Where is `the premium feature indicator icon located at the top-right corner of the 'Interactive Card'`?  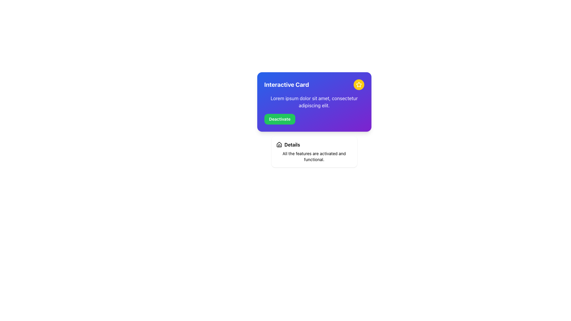 the premium feature indicator icon located at the top-right corner of the 'Interactive Card' is located at coordinates (358, 84).